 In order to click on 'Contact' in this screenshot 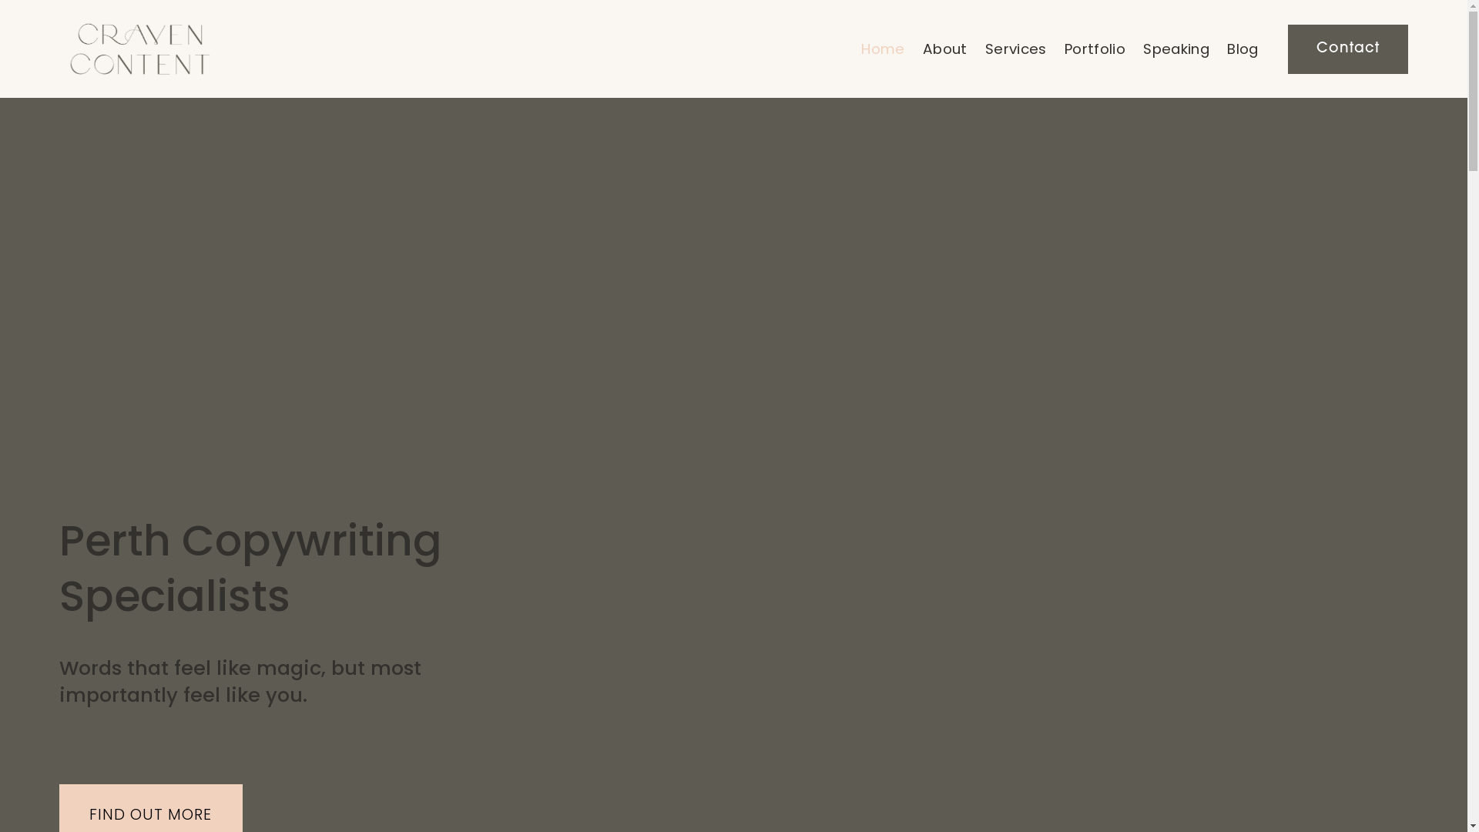, I will do `click(1347, 49)`.